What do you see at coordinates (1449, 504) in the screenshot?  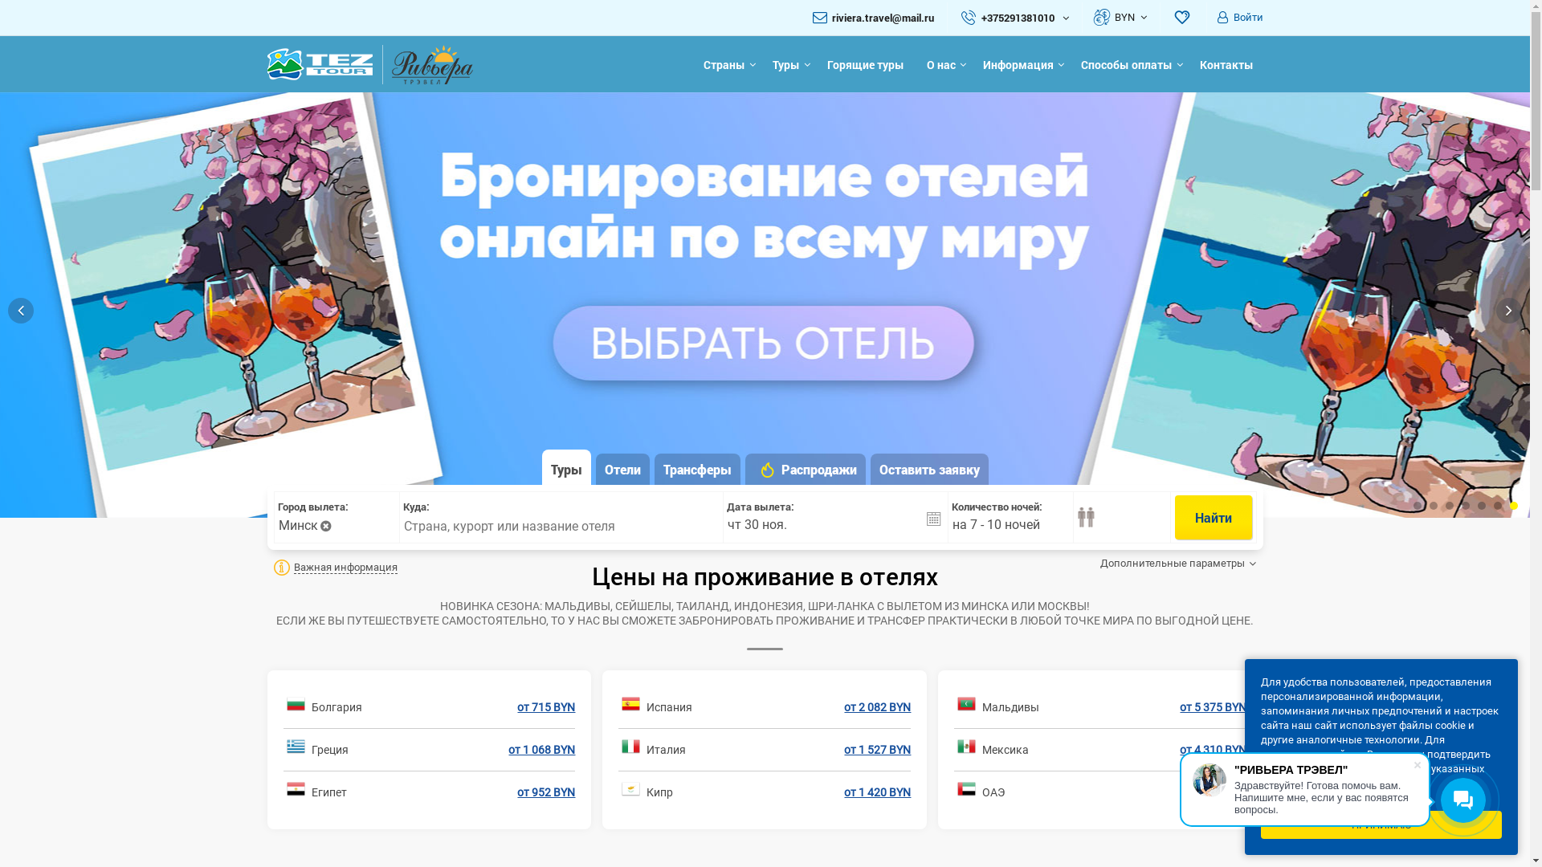 I see `'3'` at bounding box center [1449, 504].